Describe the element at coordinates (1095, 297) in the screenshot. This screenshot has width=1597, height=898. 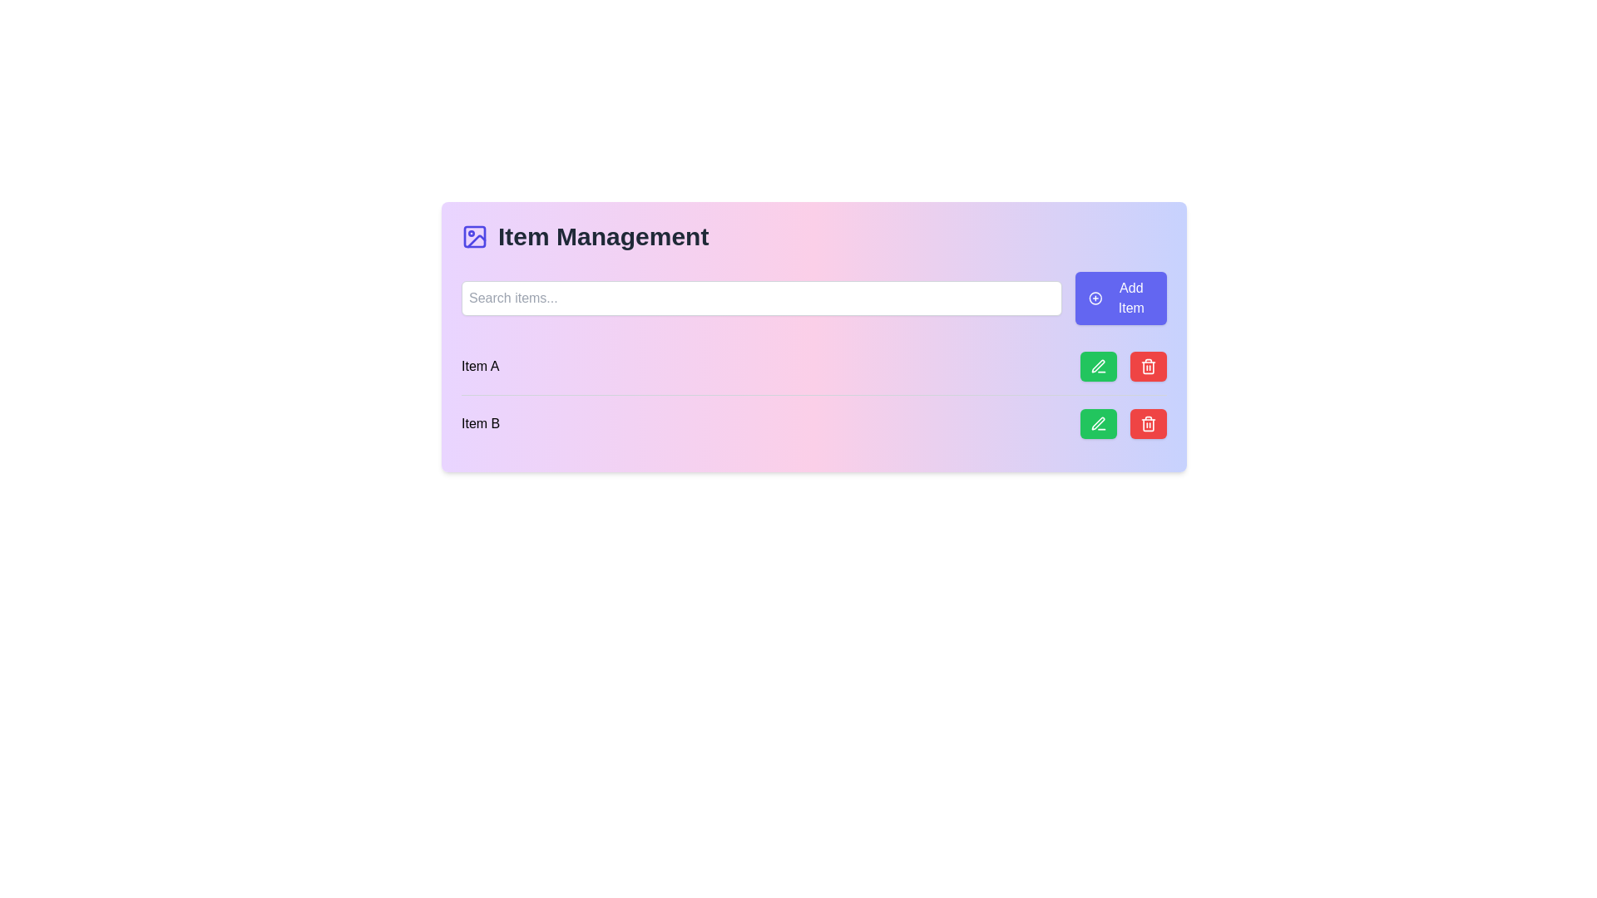
I see `the '+' Icon located within the 'Add Item' button, positioned towards the left-hand side of the button's rectangular area` at that location.